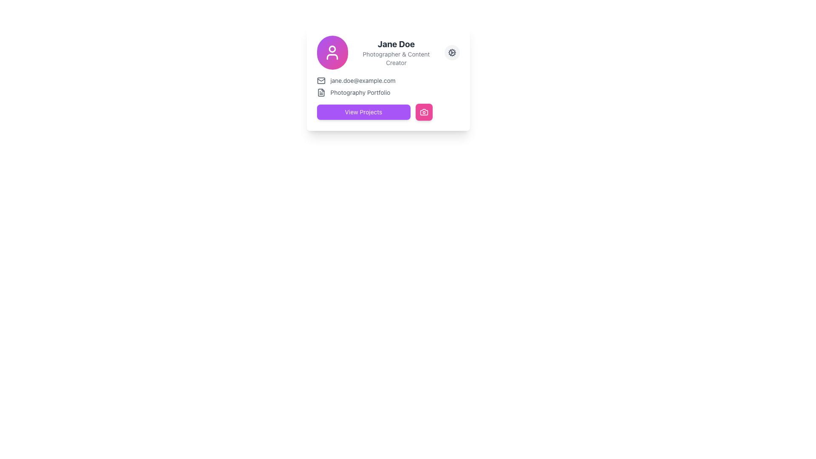  Describe the element at coordinates (360, 93) in the screenshot. I see `static text label located in the second row of the card, underneath the email address and to the right of a small document icon` at that location.